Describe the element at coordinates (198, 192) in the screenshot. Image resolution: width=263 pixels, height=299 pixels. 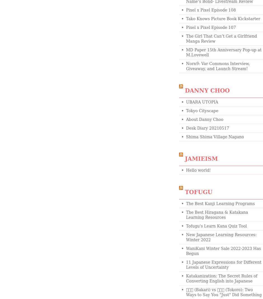
I see `'Tofugu'` at that location.